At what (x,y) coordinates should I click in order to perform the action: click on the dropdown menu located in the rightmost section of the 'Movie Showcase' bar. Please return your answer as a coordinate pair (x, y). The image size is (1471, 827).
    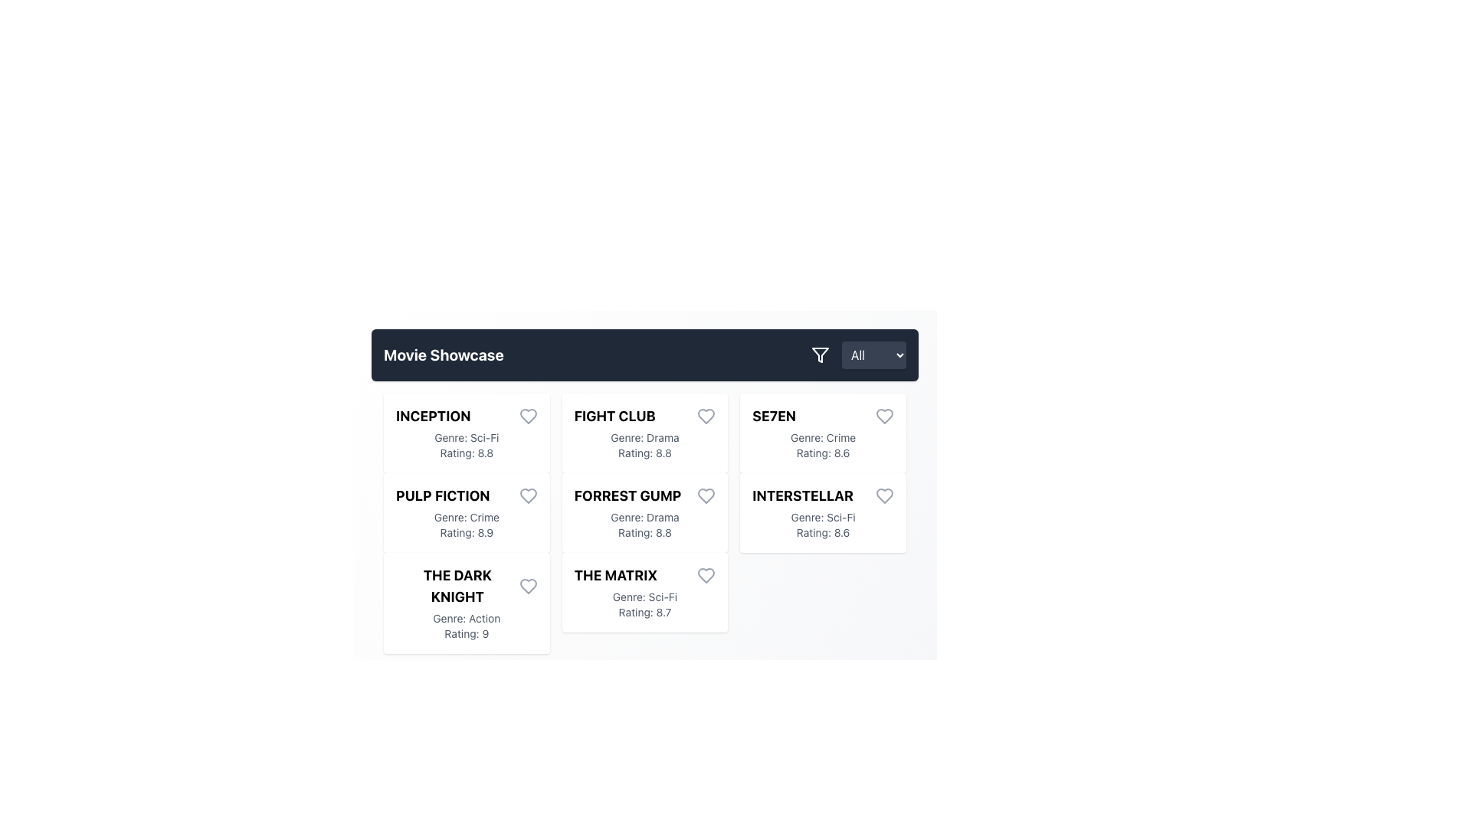
    Looking at the image, I should click on (859, 355).